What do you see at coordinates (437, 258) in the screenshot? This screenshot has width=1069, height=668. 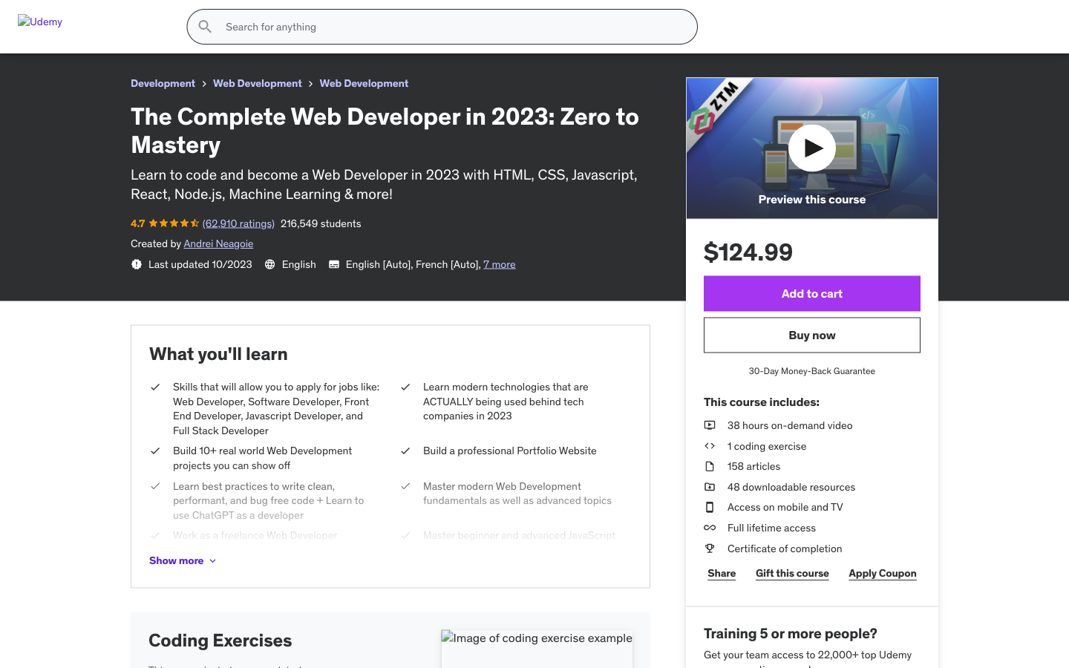 I see `Remove the last character of the tracking number in the tracking bar` at bounding box center [437, 258].